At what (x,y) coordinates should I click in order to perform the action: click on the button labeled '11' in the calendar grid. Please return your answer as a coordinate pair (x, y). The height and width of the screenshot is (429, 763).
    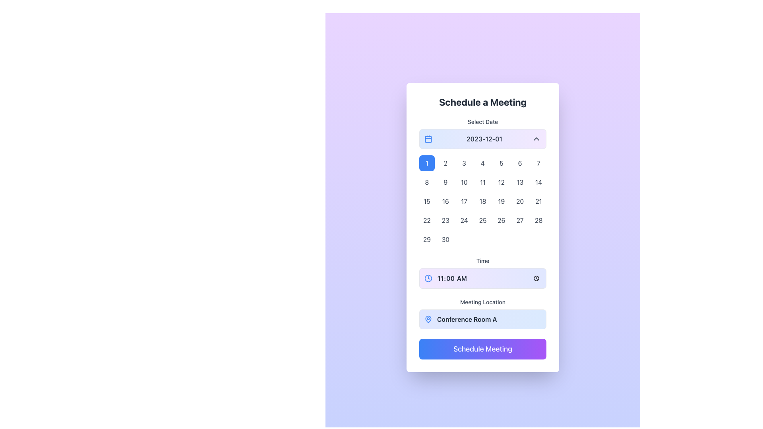
    Looking at the image, I should click on (482, 182).